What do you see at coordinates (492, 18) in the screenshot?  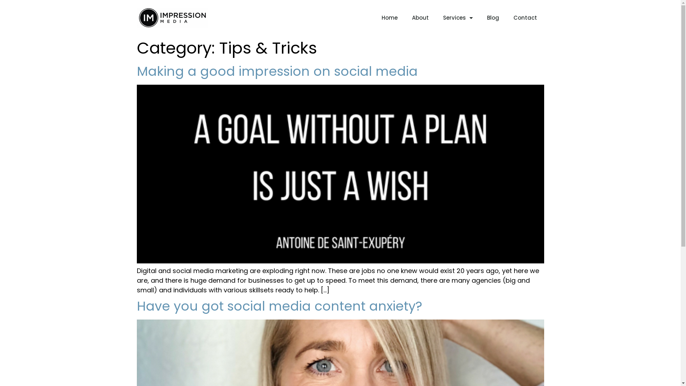 I see `'Blog'` at bounding box center [492, 18].